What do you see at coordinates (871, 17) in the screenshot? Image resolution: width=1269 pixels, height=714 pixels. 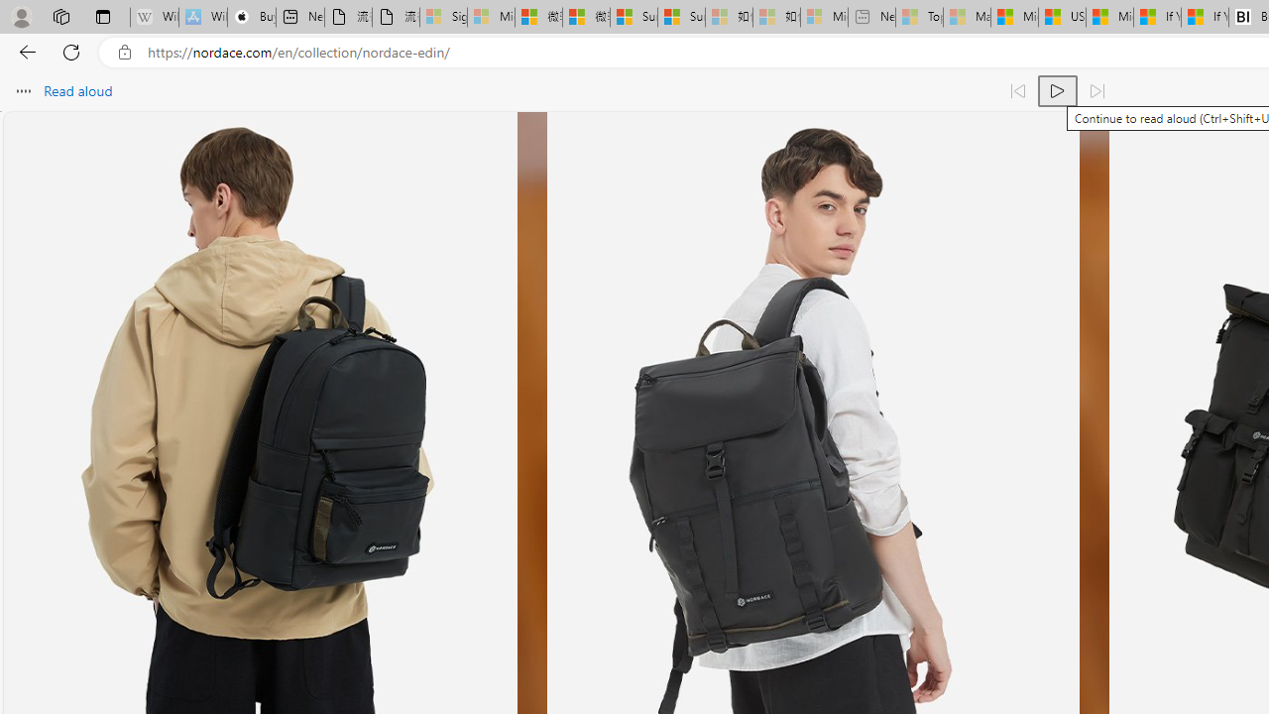 I see `'New tab - Sleeping'` at bounding box center [871, 17].